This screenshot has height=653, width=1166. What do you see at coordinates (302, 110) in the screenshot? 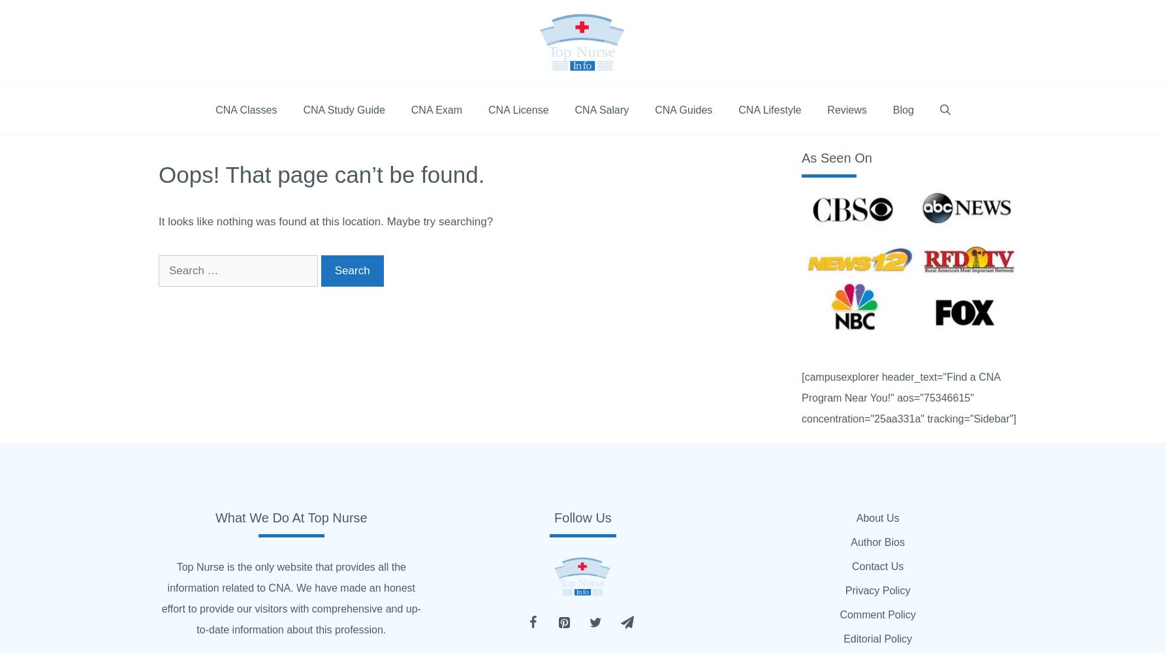
I see `'CNA Study Guide'` at bounding box center [302, 110].